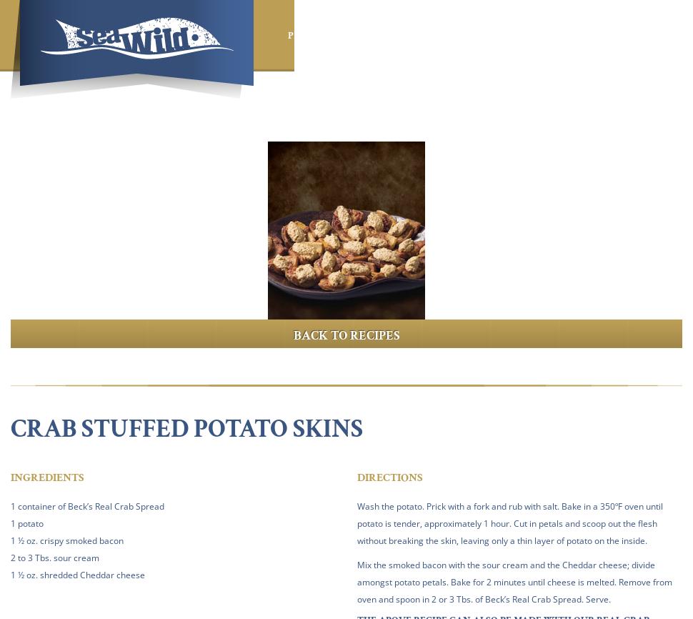  What do you see at coordinates (510, 522) in the screenshot?
I see `'Wash the potato. Prick with a fork and rub with salt. Bake in a 350ºF oven until potato is tender, approximately 1 hour. Cut in petals and scoop out the flesh without breaking the skin, leaving only a thin layer of potato on the inside.'` at bounding box center [510, 522].